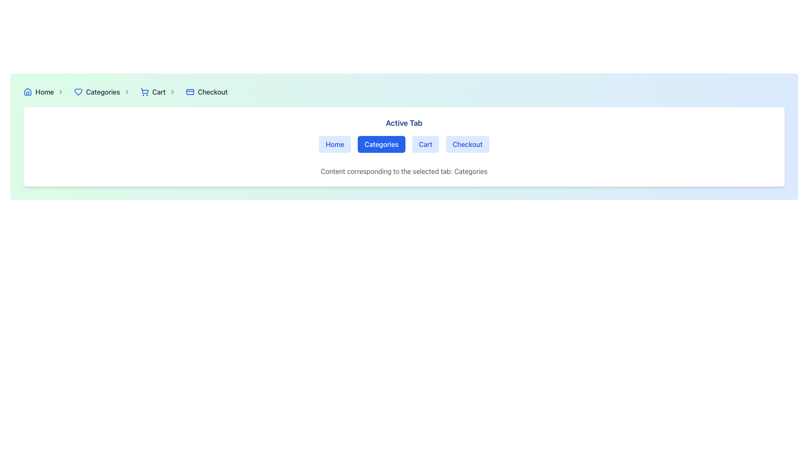  I want to click on the Navigation bar located at the top section of the interface, so click(404, 92).